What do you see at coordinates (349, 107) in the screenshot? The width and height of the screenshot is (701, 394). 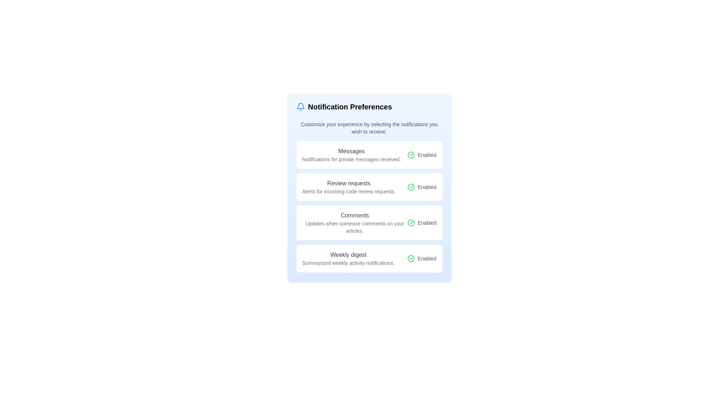 I see `the header text indicating 'Notification Preferences', which is centrally aligned and located near the top of the content area with a bell icon to its left` at bounding box center [349, 107].